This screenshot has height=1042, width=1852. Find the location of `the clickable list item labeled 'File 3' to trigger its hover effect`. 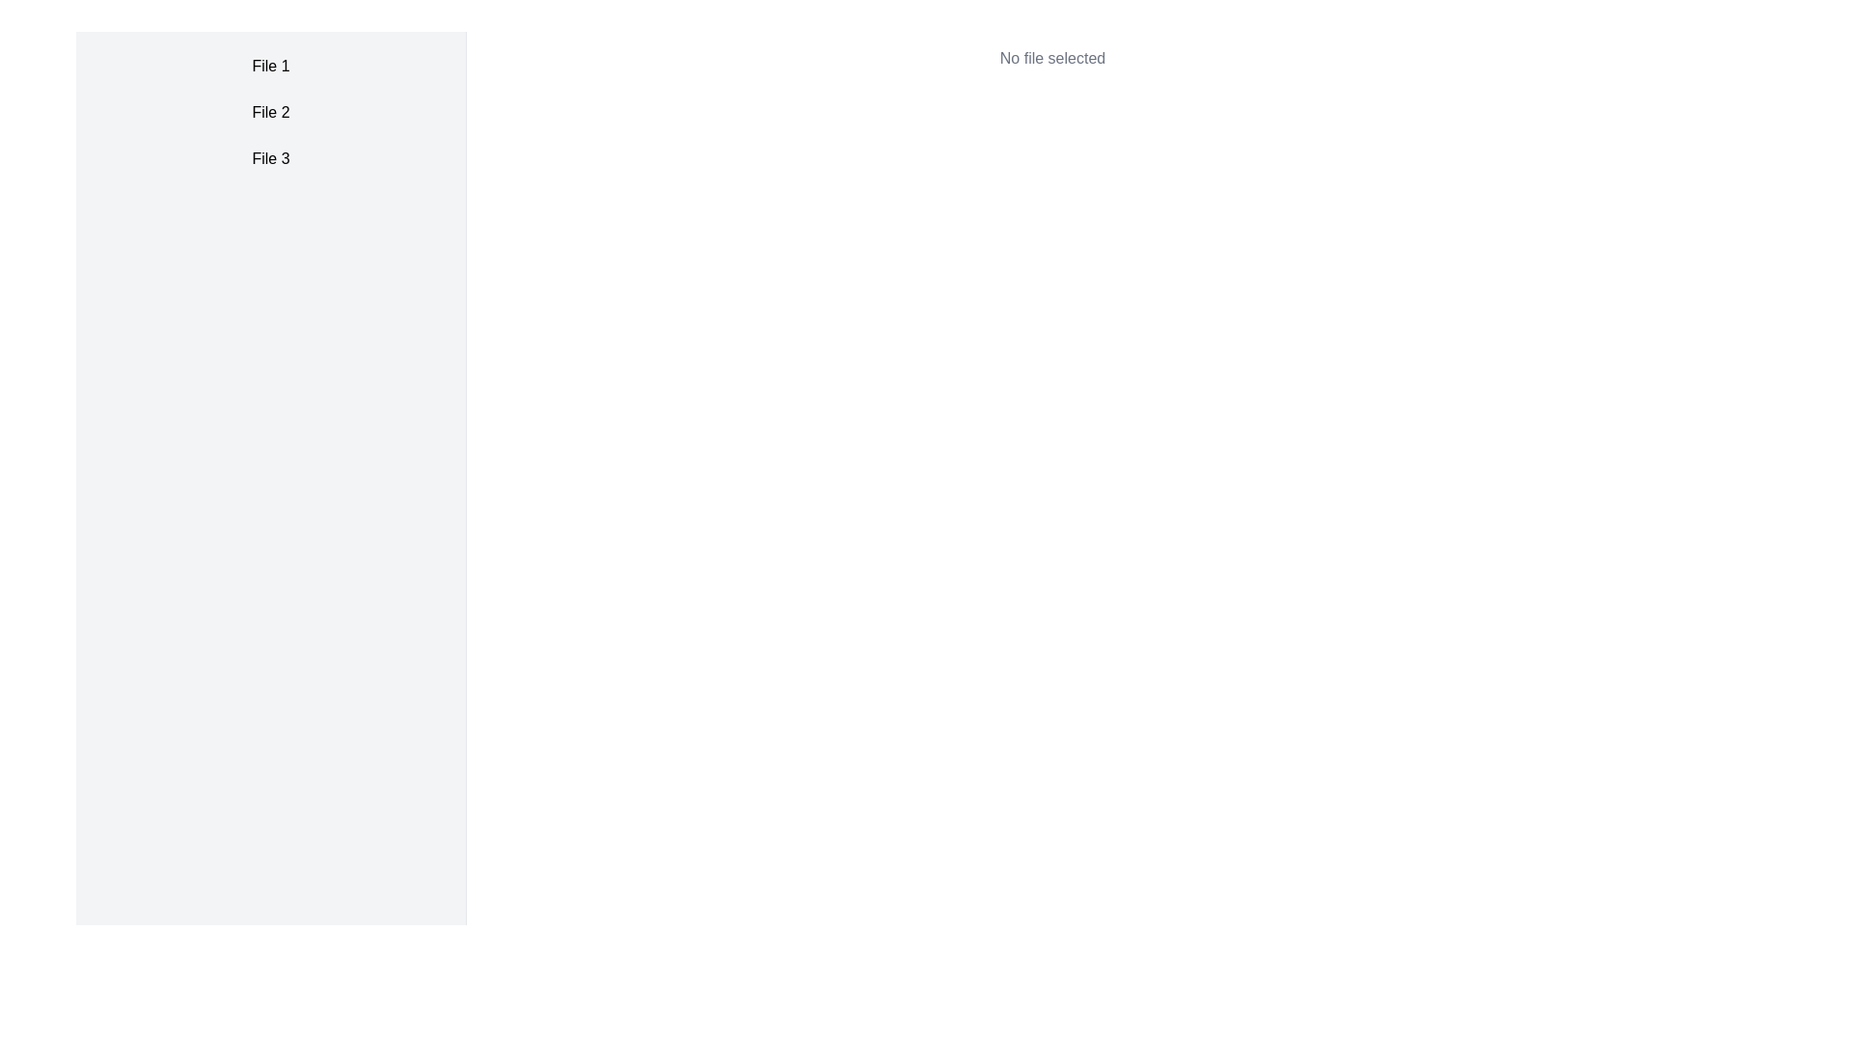

the clickable list item labeled 'File 3' to trigger its hover effect is located at coordinates (270, 158).